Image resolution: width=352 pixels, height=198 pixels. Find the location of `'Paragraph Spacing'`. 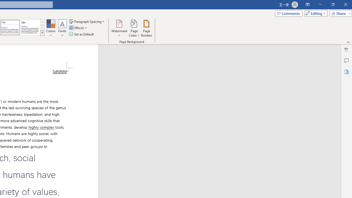

'Paragraph Spacing' is located at coordinates (87, 21).